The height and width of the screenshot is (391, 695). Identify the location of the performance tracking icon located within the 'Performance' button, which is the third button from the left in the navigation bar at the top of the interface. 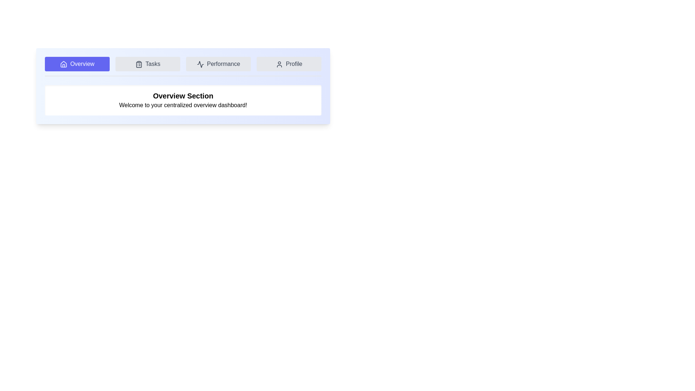
(200, 64).